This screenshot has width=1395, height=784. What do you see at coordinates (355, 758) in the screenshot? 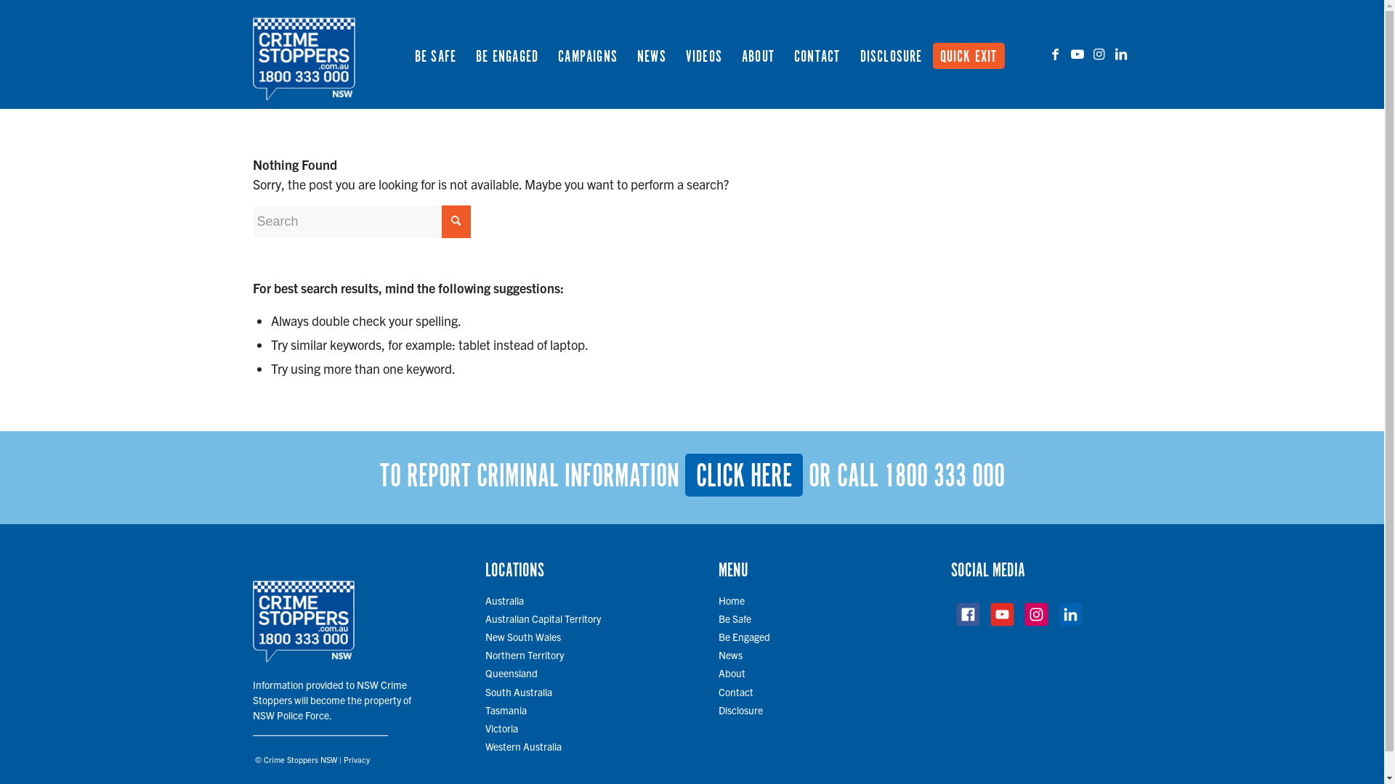
I see `'Privacy'` at bounding box center [355, 758].